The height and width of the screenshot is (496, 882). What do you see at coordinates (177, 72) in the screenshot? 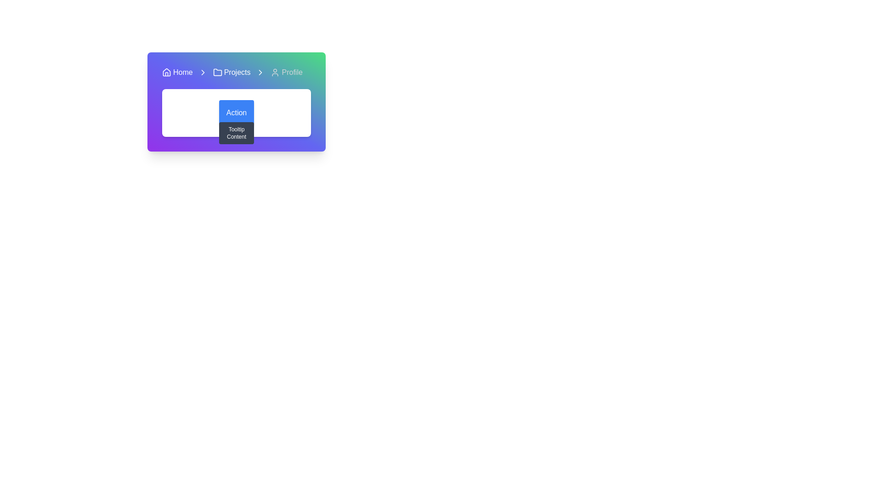
I see `the 'Home' text label, which is styled in white font and positioned next to a house-shaped icon in the horizontal navigation bar` at bounding box center [177, 72].